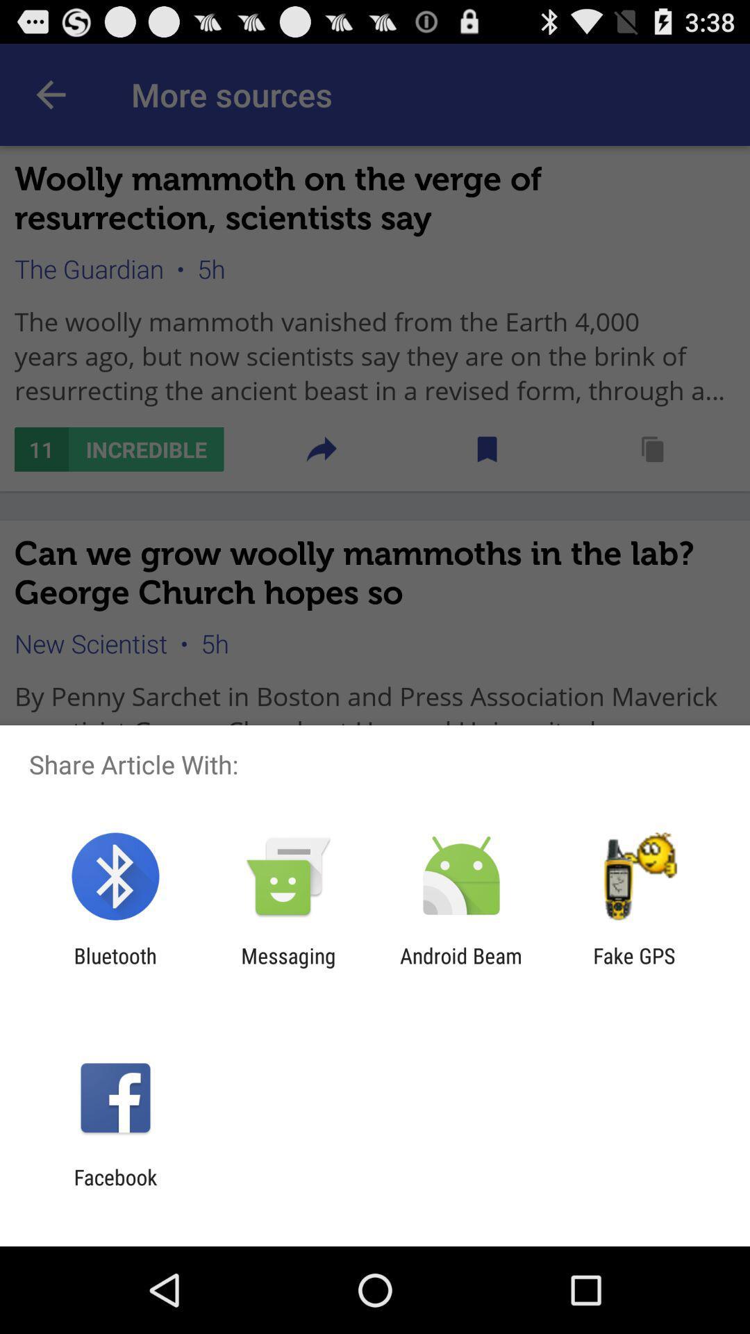 The height and width of the screenshot is (1334, 750). I want to click on the app next to android beam, so click(287, 967).